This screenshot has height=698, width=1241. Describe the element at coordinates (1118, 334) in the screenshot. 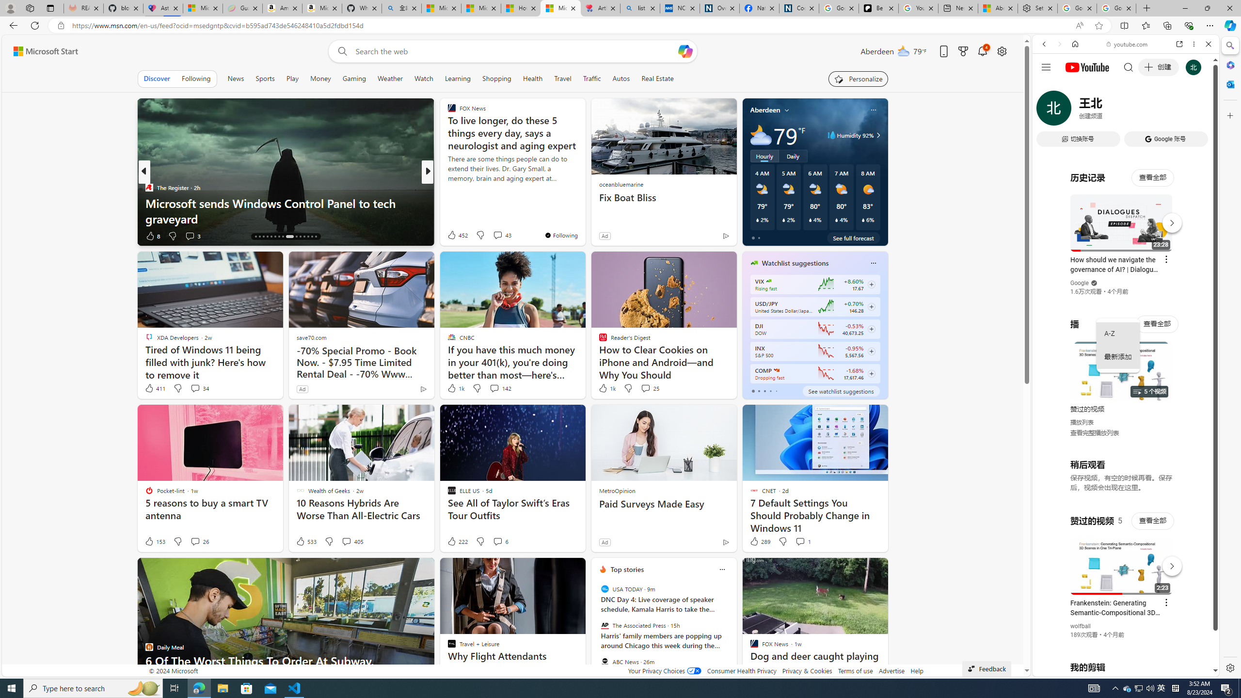

I see `'A-Z'` at that location.